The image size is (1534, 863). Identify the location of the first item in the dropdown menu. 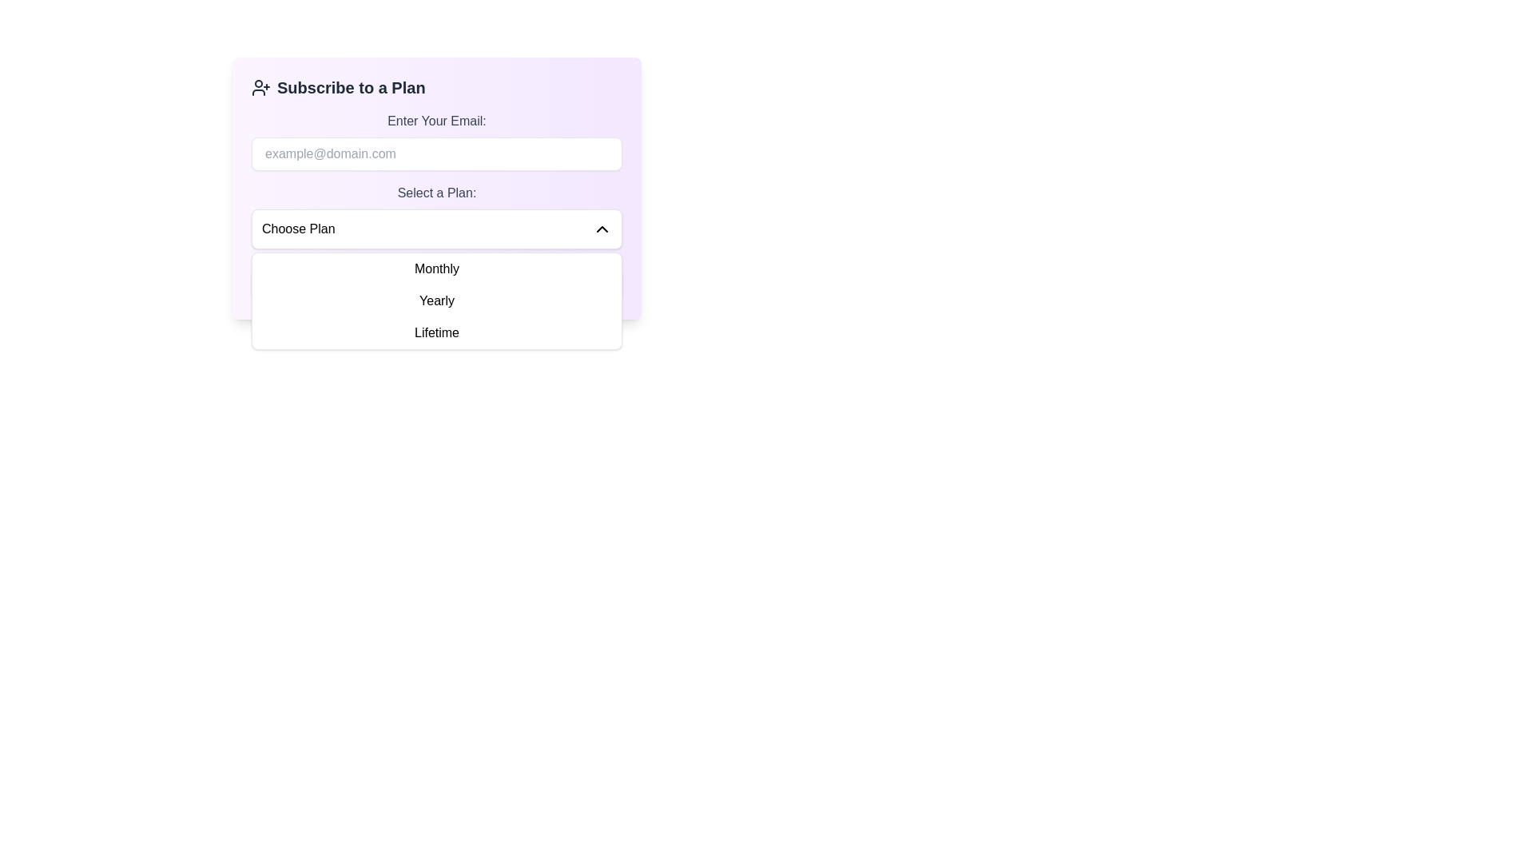
(437, 268).